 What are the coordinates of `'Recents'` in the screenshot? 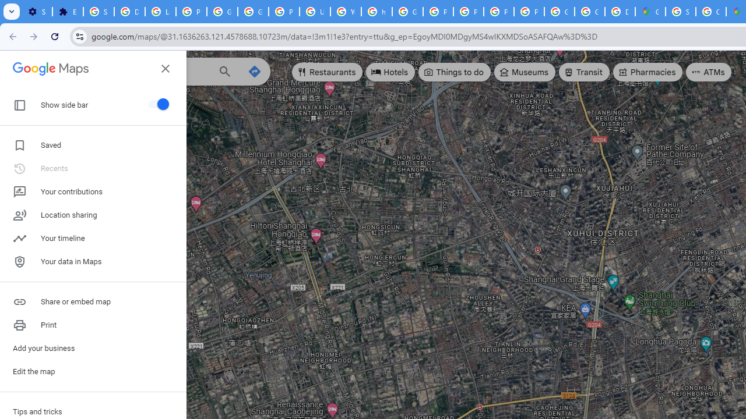 It's located at (93, 168).